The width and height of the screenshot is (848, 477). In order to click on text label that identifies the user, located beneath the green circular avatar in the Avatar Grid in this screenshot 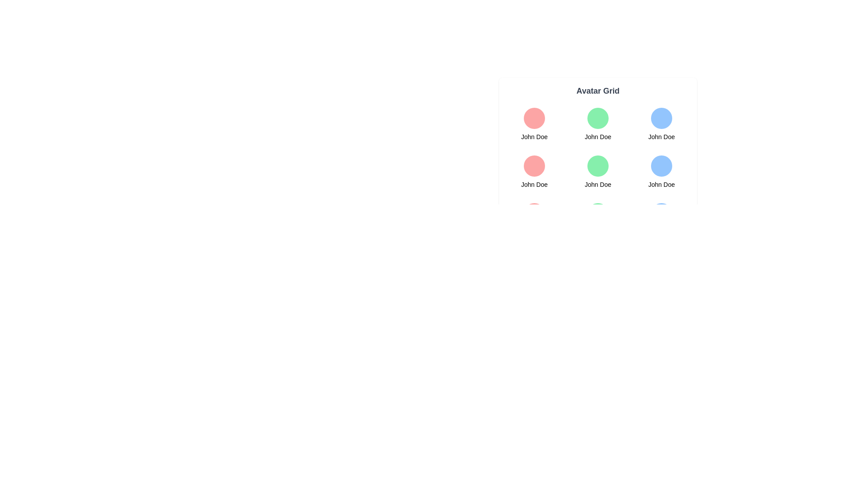, I will do `click(598, 184)`.